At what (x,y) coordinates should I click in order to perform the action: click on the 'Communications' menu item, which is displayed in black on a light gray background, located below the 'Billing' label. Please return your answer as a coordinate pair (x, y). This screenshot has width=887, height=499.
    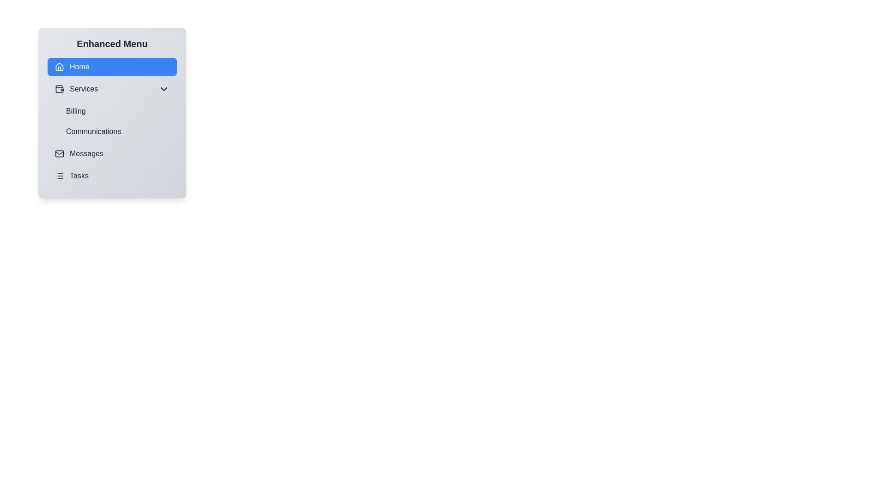
    Looking at the image, I should click on (117, 132).